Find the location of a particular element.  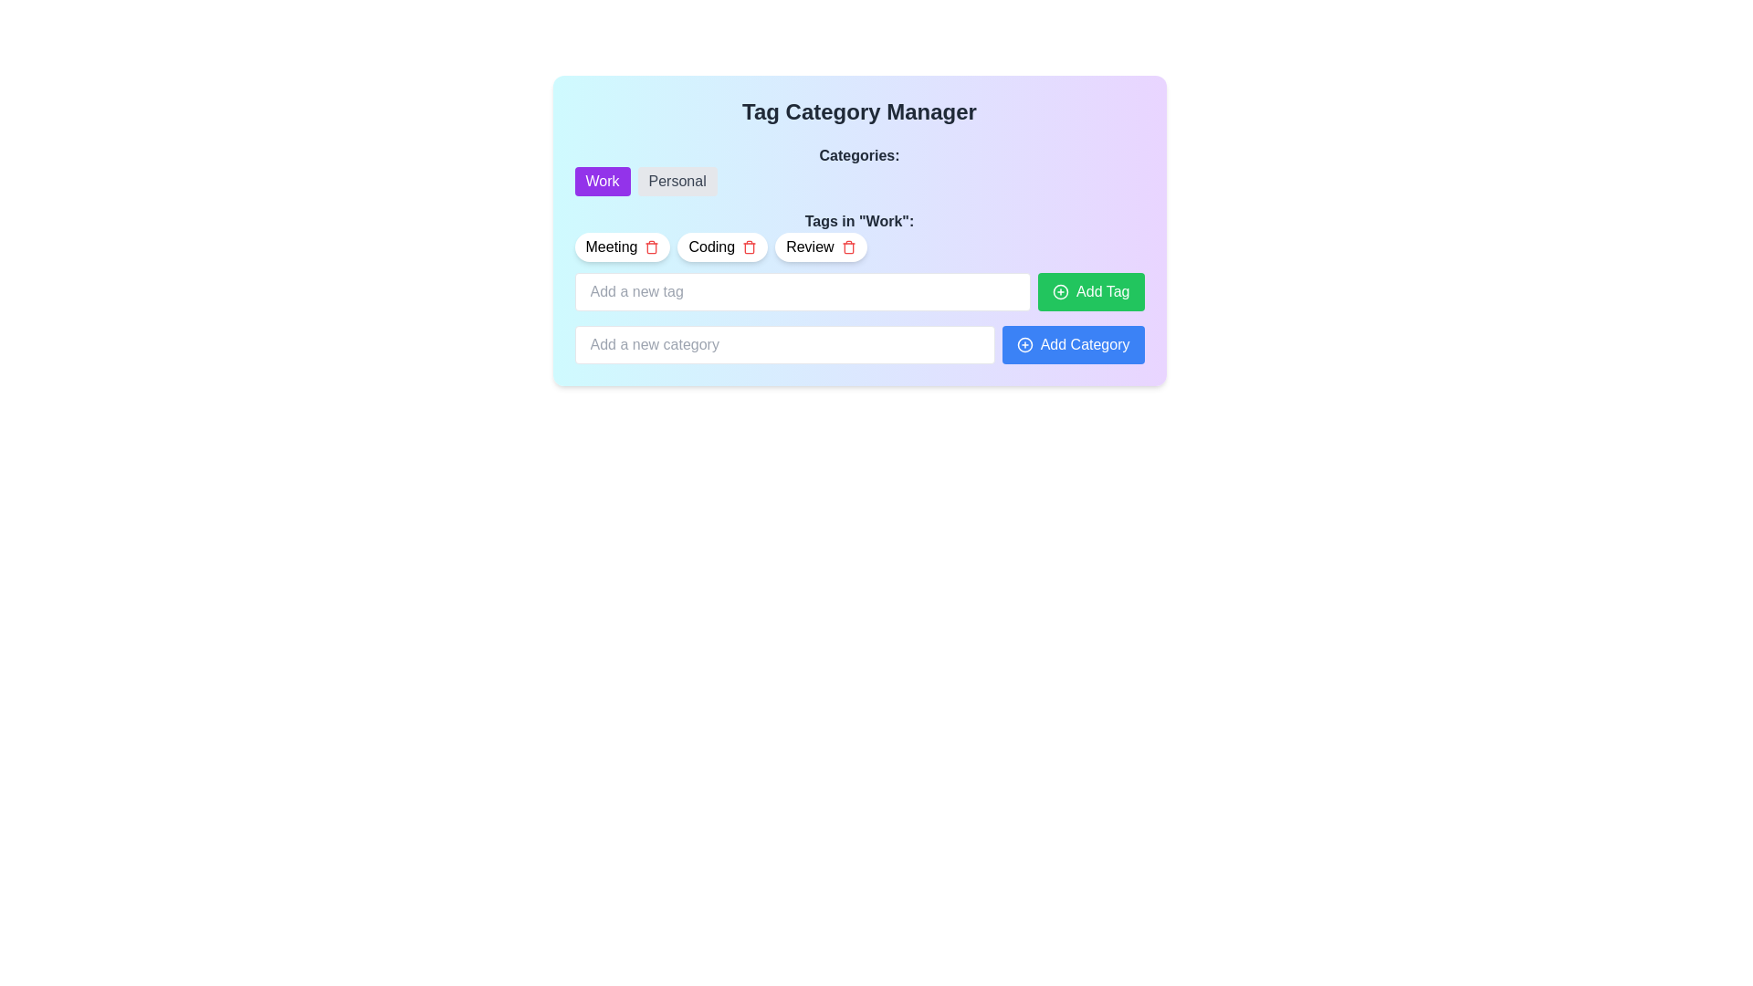

the rectangular button with a blue background and white text reading 'Add Category' is located at coordinates (1073, 345).